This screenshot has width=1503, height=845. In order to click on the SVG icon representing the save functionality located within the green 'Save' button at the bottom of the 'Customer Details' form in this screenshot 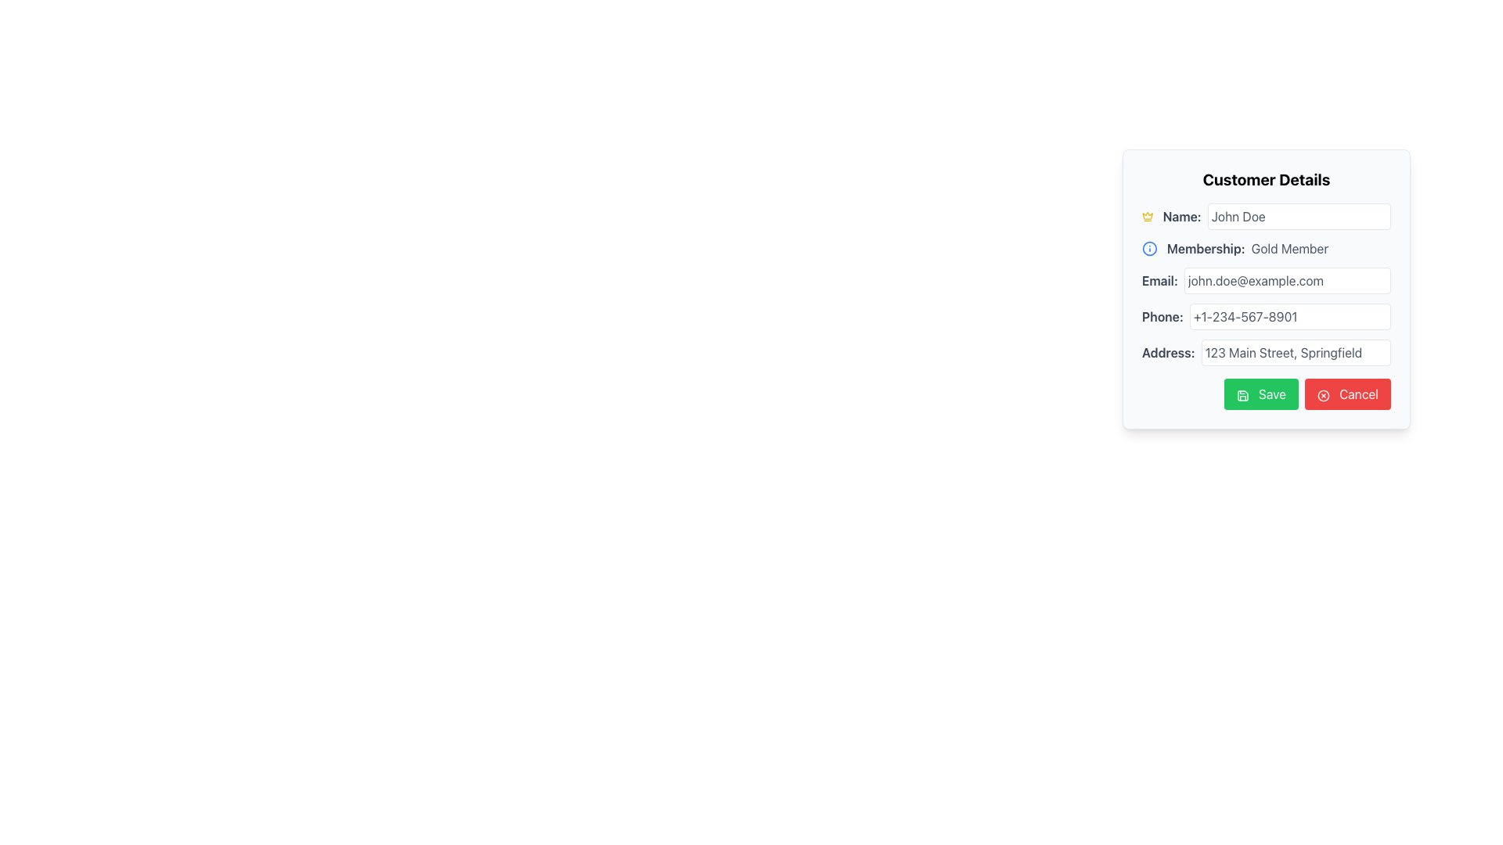, I will do `click(1242, 394)`.